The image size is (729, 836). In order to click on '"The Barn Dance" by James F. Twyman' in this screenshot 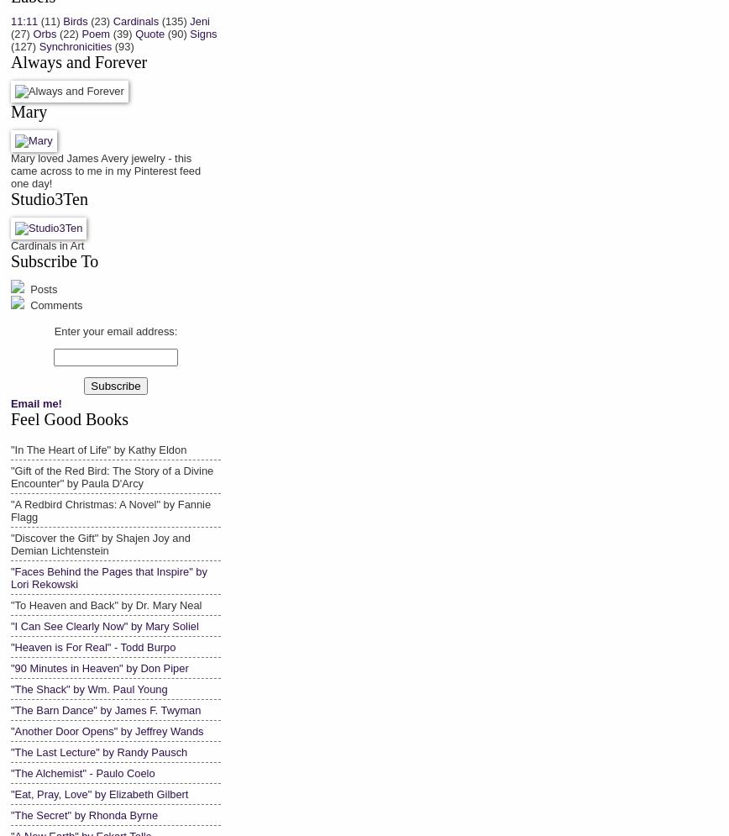, I will do `click(11, 709)`.